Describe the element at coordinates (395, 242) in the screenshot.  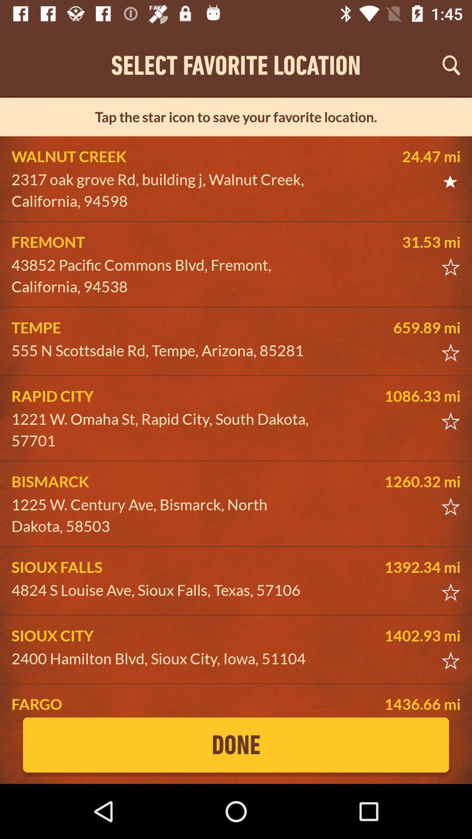
I see `the item next to fremont` at that location.